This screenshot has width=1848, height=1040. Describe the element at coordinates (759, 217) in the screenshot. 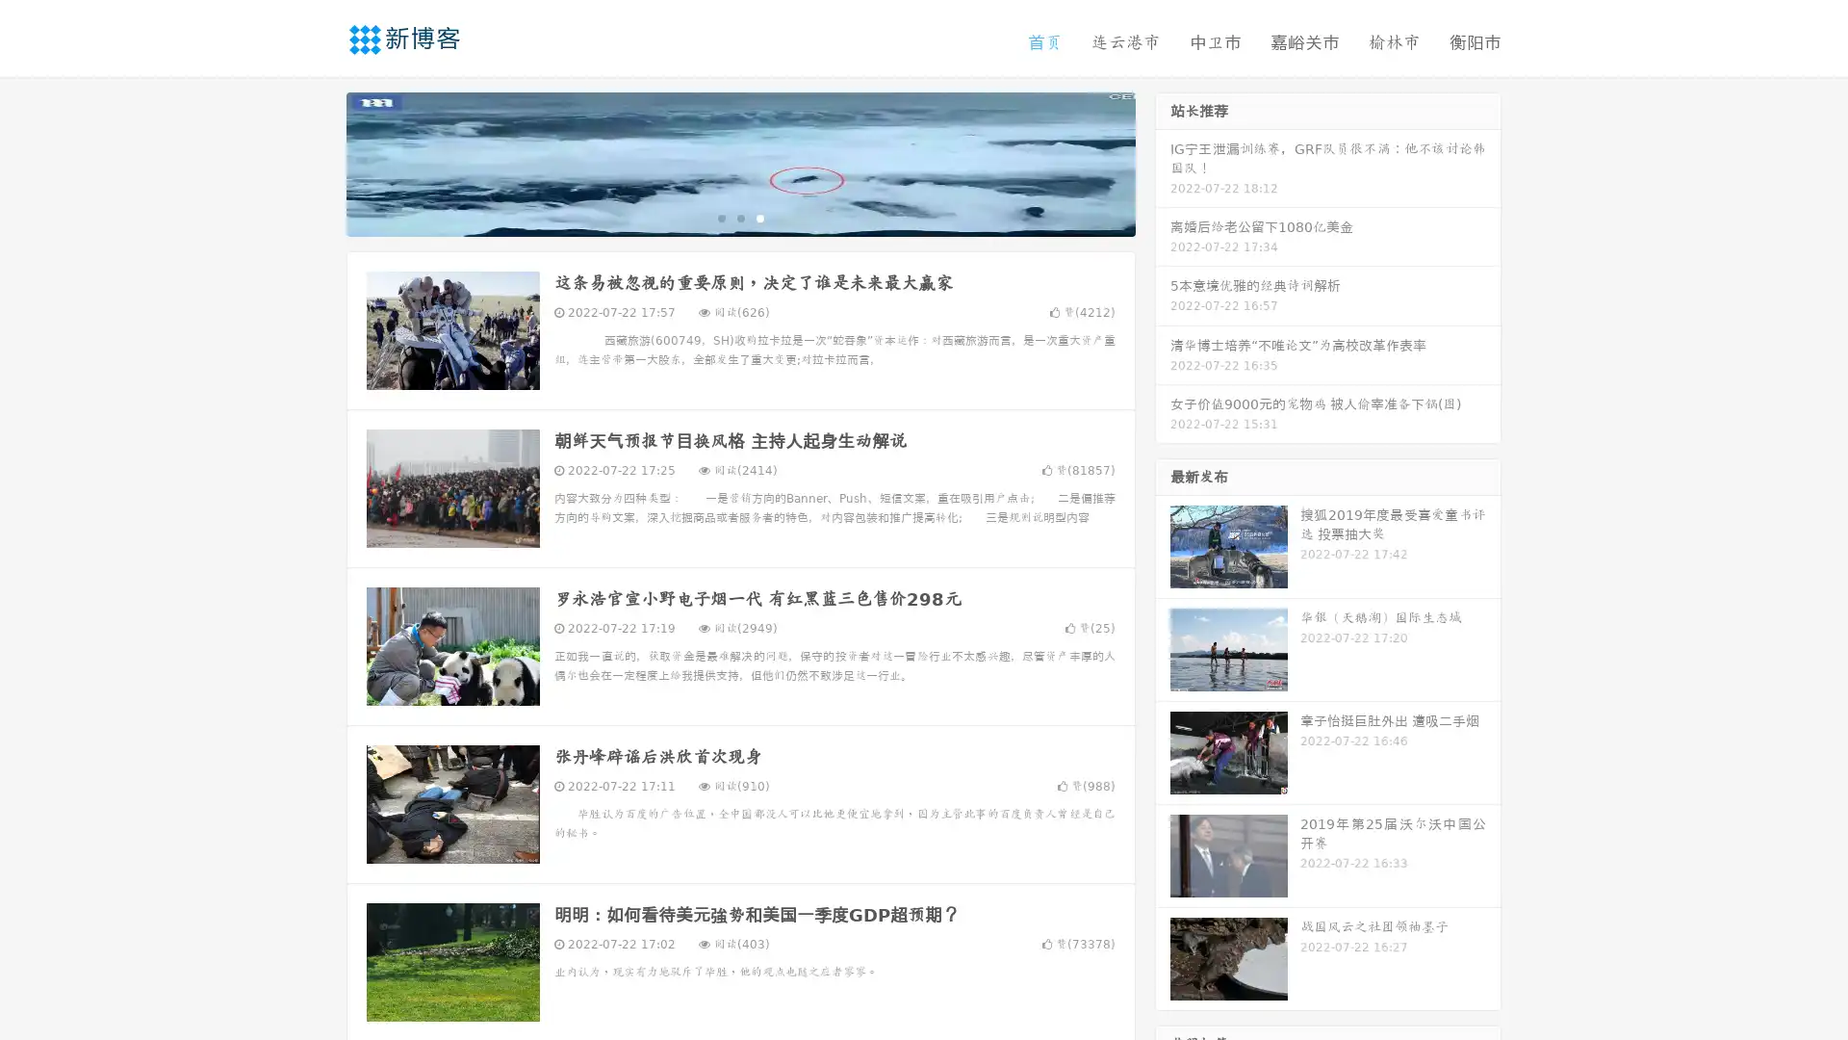

I see `Go to slide 3` at that location.